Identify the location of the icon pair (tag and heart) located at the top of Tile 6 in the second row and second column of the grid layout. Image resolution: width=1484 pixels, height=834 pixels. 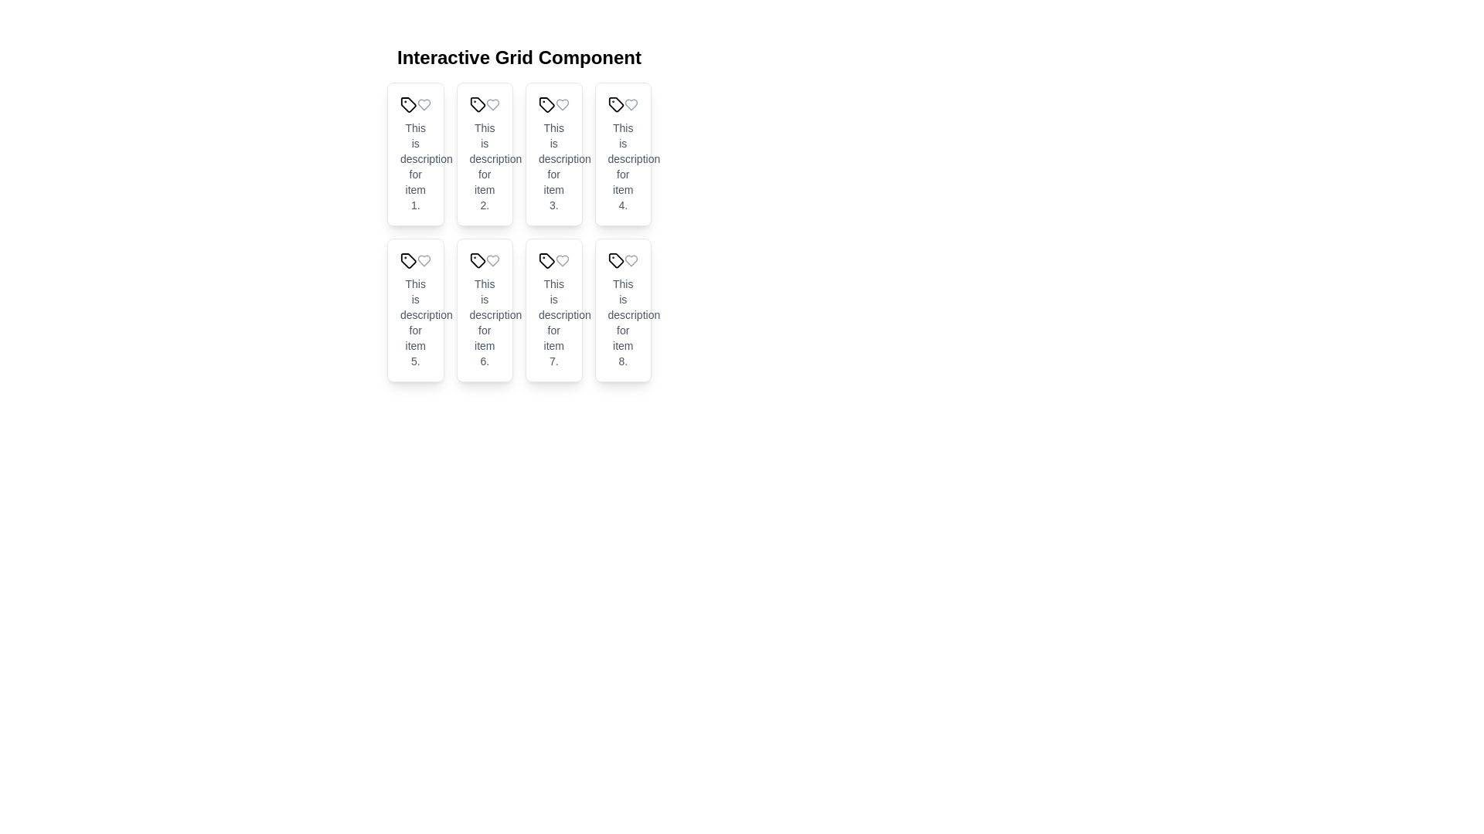
(484, 260).